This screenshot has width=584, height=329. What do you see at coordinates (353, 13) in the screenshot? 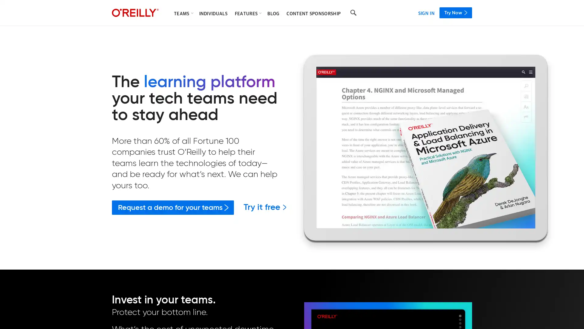
I see `Search` at bounding box center [353, 13].